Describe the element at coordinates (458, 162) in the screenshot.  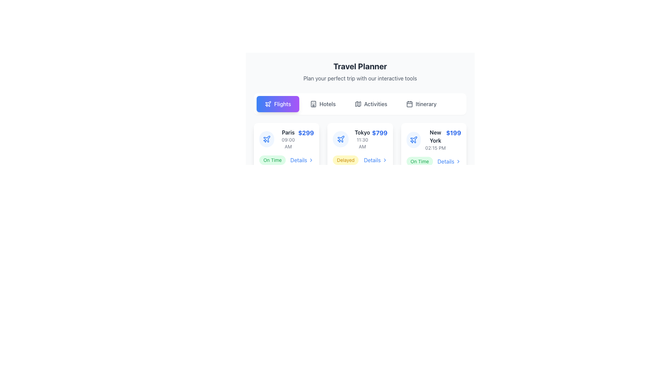
I see `the navigational icon located to the immediate right of the 'Details' text label for the 'New York' flight option` at that location.